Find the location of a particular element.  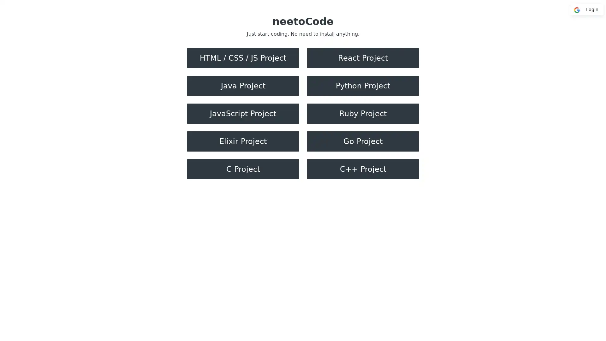

Python Project is located at coordinates (363, 86).